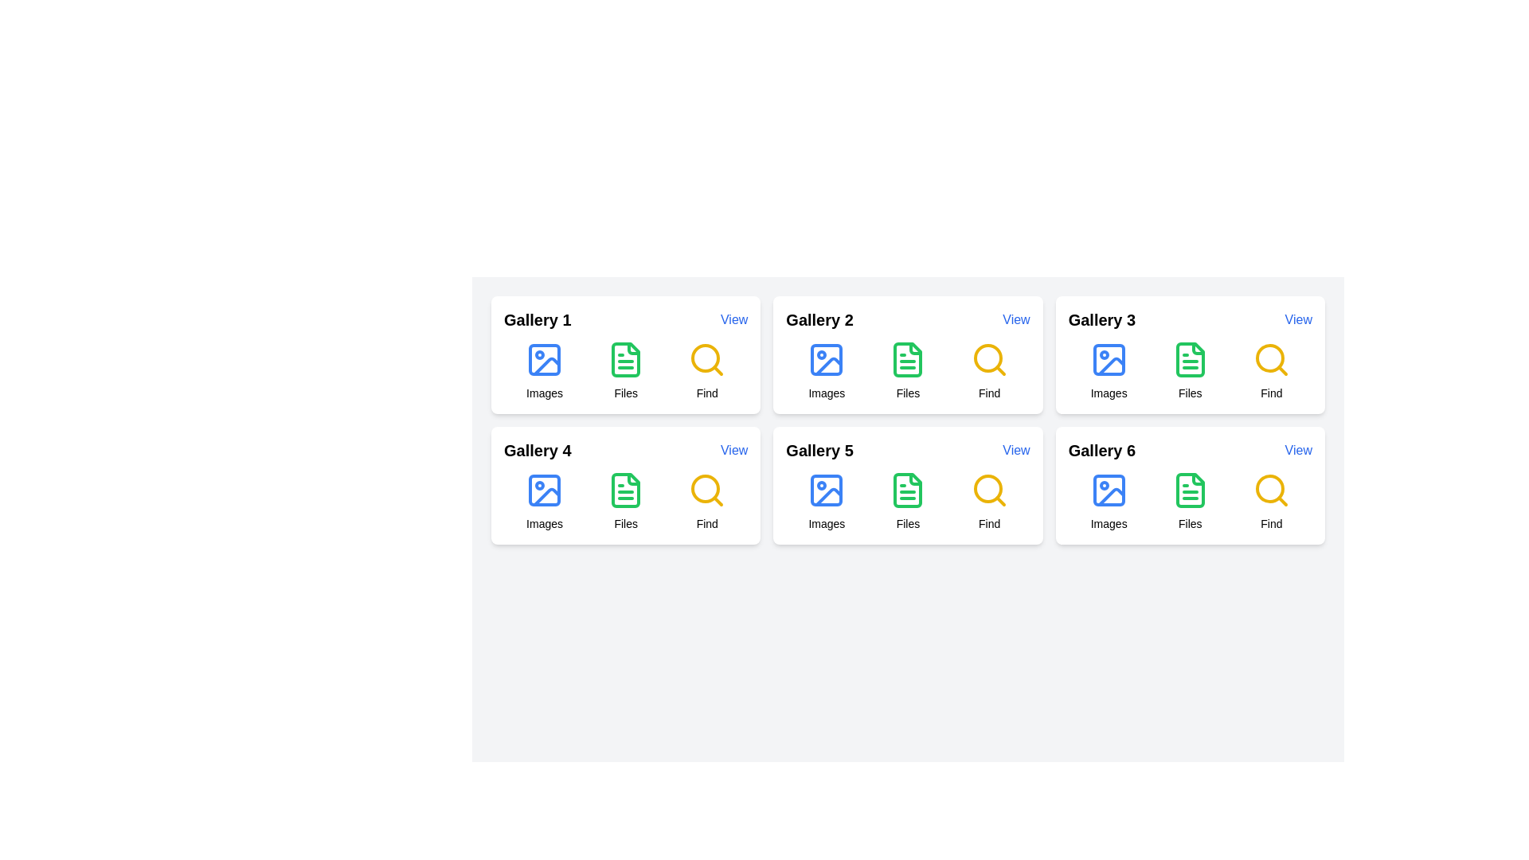  I want to click on the search icon located in the lower right corner of the 'Gallery 5' card, so click(988, 490).